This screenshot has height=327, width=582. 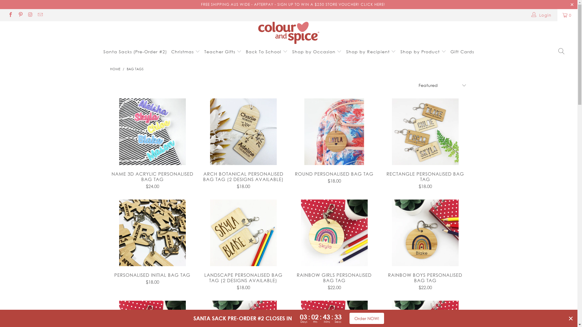 What do you see at coordinates (400, 51) in the screenshot?
I see `'Shop by Product'` at bounding box center [400, 51].